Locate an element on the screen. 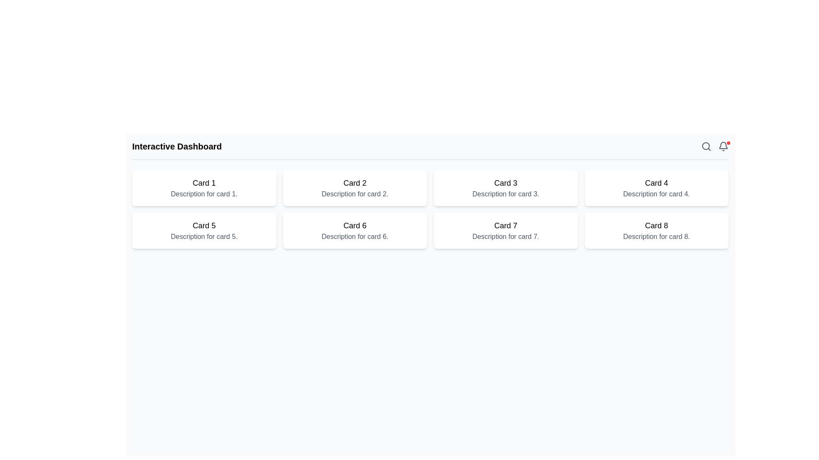 This screenshot has width=819, height=460. the Text Label that serves as the title for the sixth card located in the second row, second column of the card layout is located at coordinates (355, 225).